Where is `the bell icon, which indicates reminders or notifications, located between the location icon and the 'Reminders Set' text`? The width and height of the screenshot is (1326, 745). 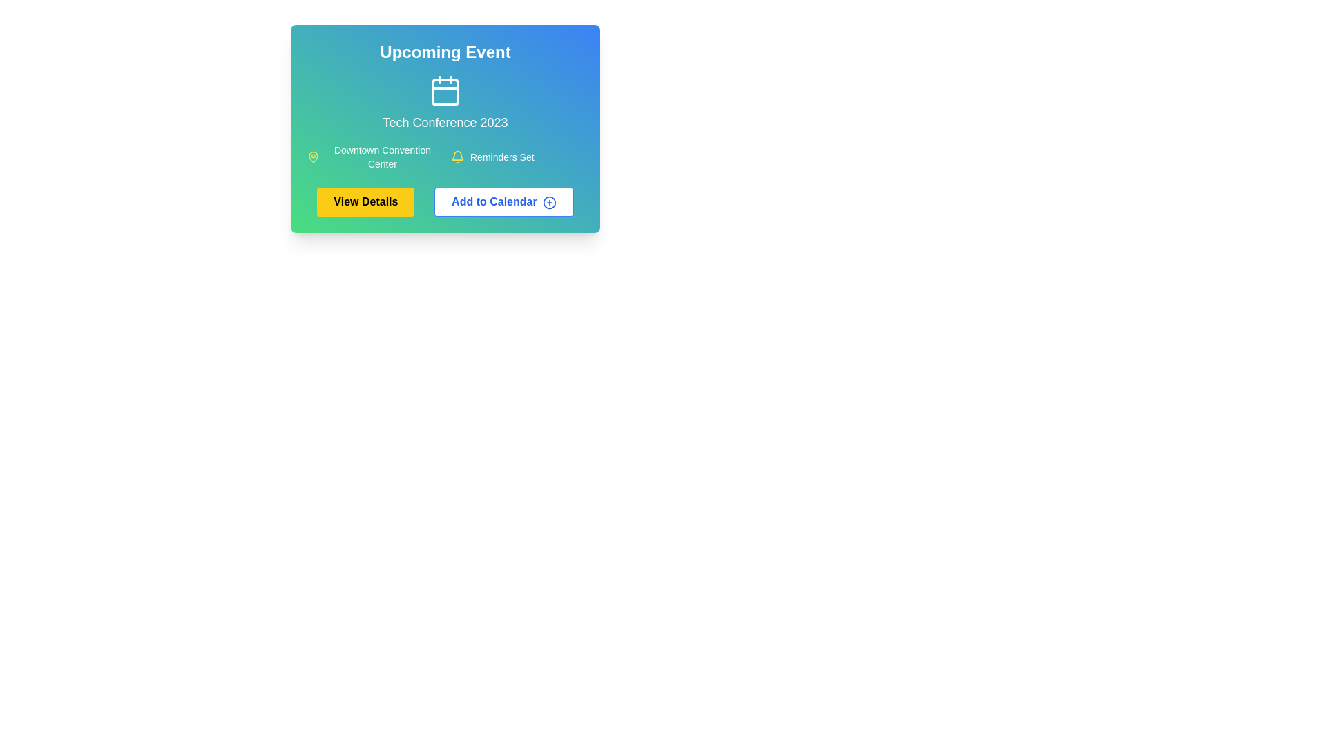
the bell icon, which indicates reminders or notifications, located between the location icon and the 'Reminders Set' text is located at coordinates (457, 156).